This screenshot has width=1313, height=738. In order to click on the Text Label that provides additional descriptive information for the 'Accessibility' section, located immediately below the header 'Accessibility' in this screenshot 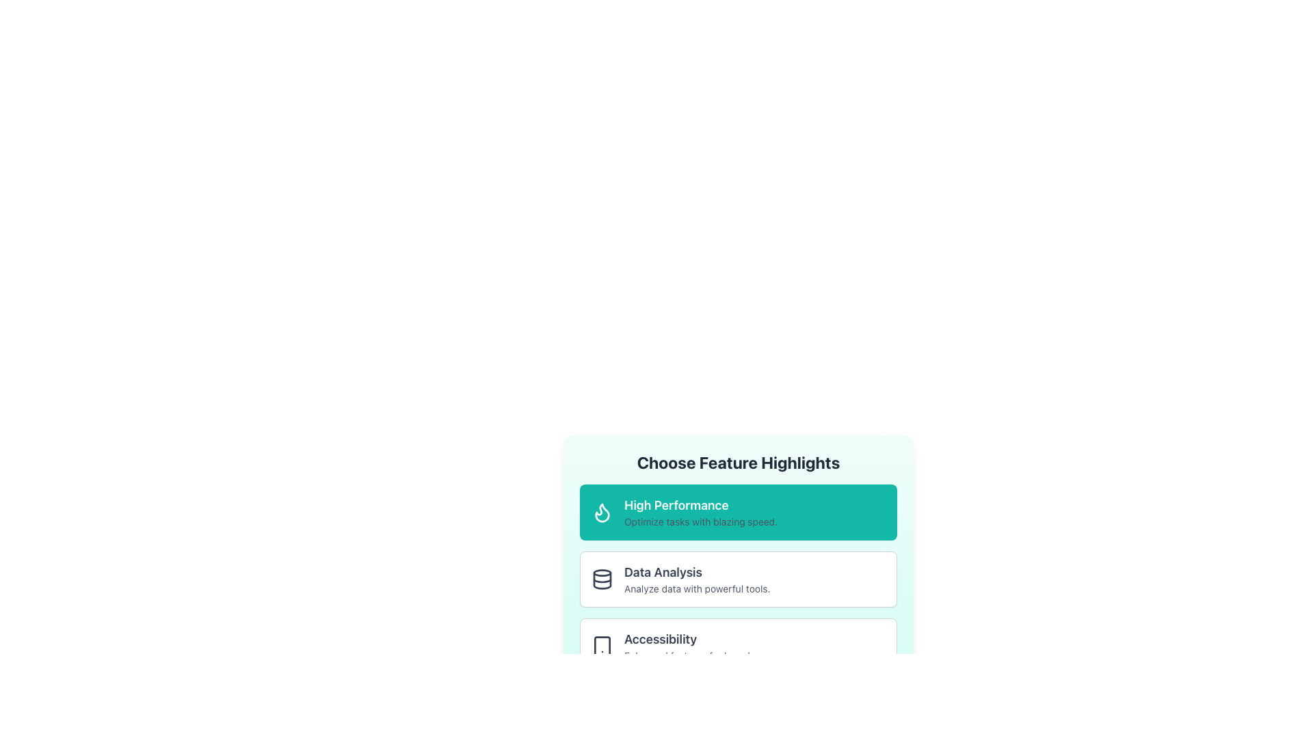, I will do `click(709, 655)`.